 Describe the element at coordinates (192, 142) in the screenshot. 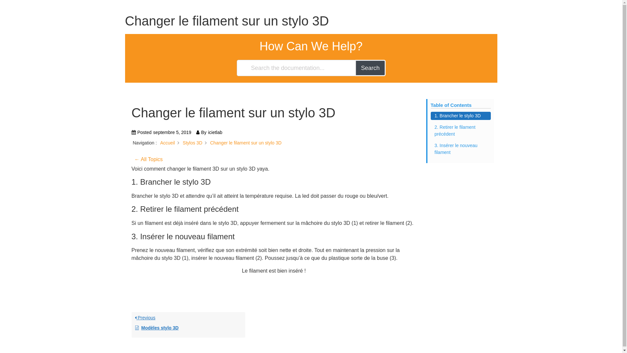

I see `'Stylos 3D'` at that location.